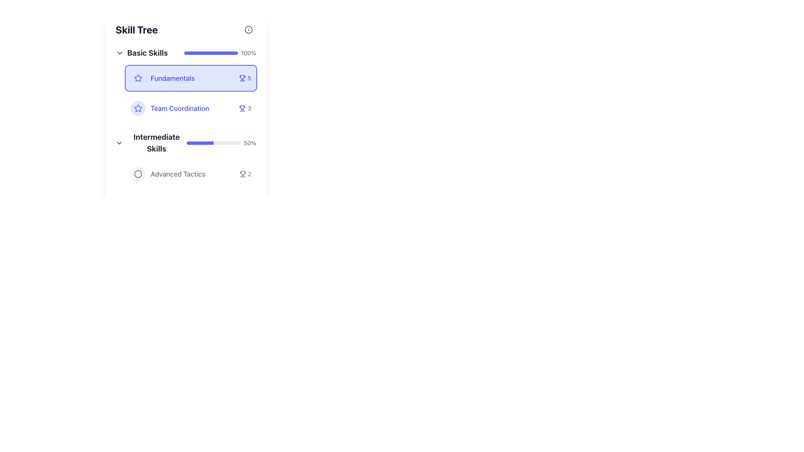 This screenshot has height=452, width=804. I want to click on static text displaying '100%' that is styled in a small gray font and positioned to the right of the progress bar labeled 'Basic Skills', so click(248, 53).